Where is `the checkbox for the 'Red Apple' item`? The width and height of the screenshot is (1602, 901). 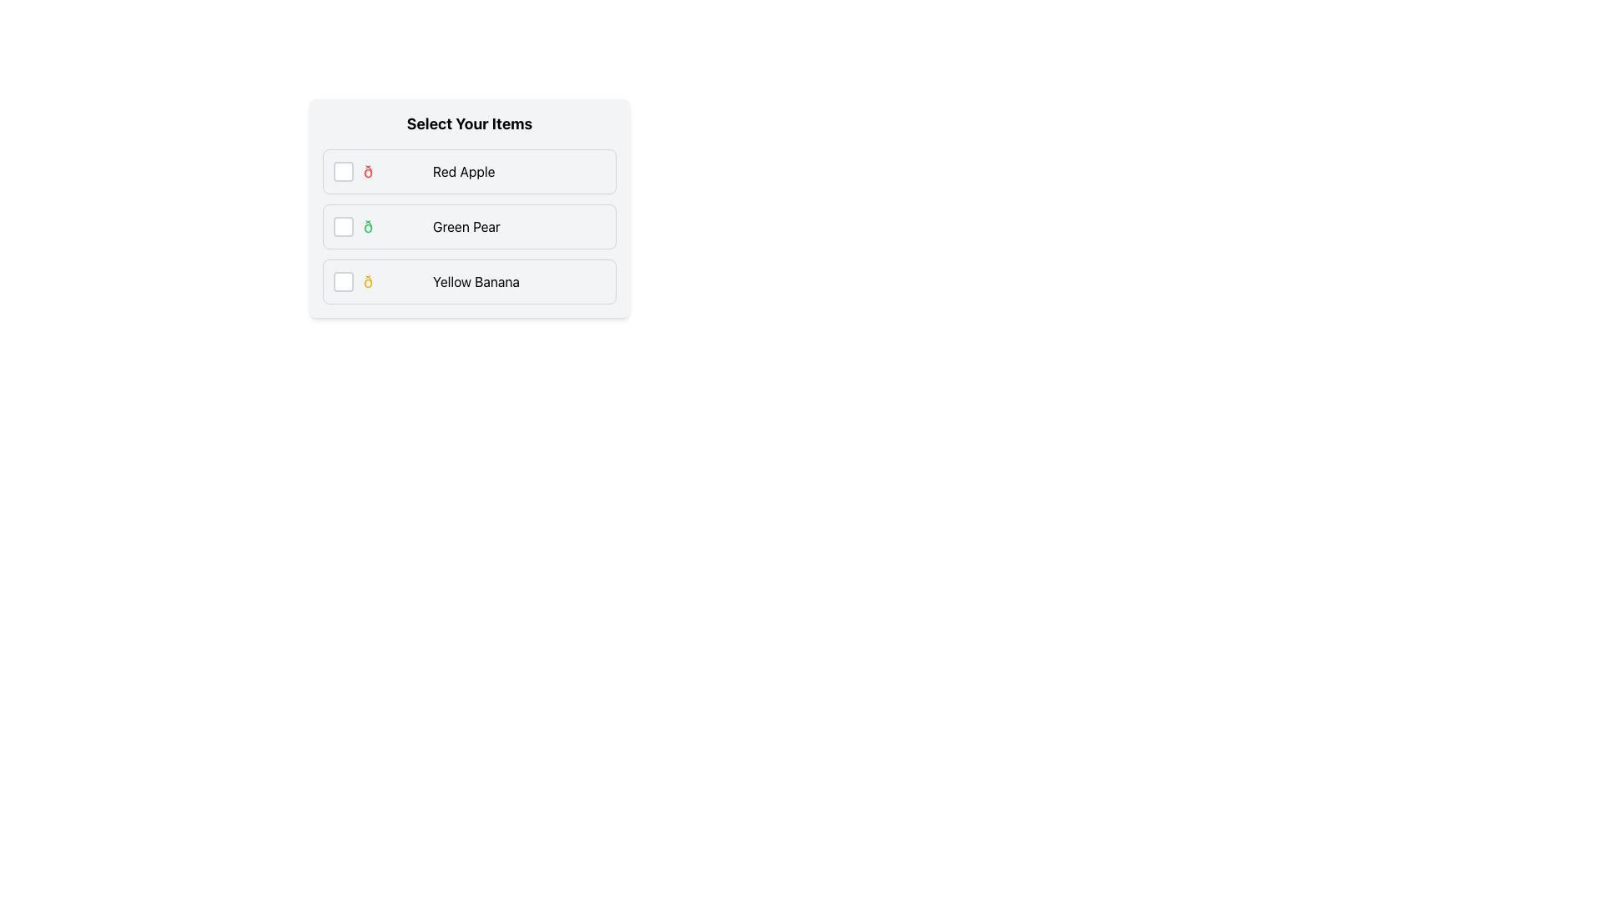
the checkbox for the 'Red Apple' item is located at coordinates (343, 171).